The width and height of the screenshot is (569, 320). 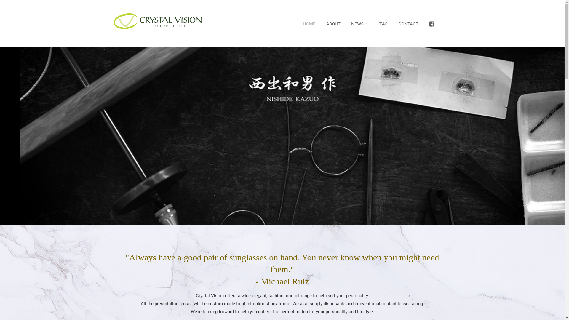 What do you see at coordinates (408, 24) in the screenshot?
I see `'CONTACT'` at bounding box center [408, 24].